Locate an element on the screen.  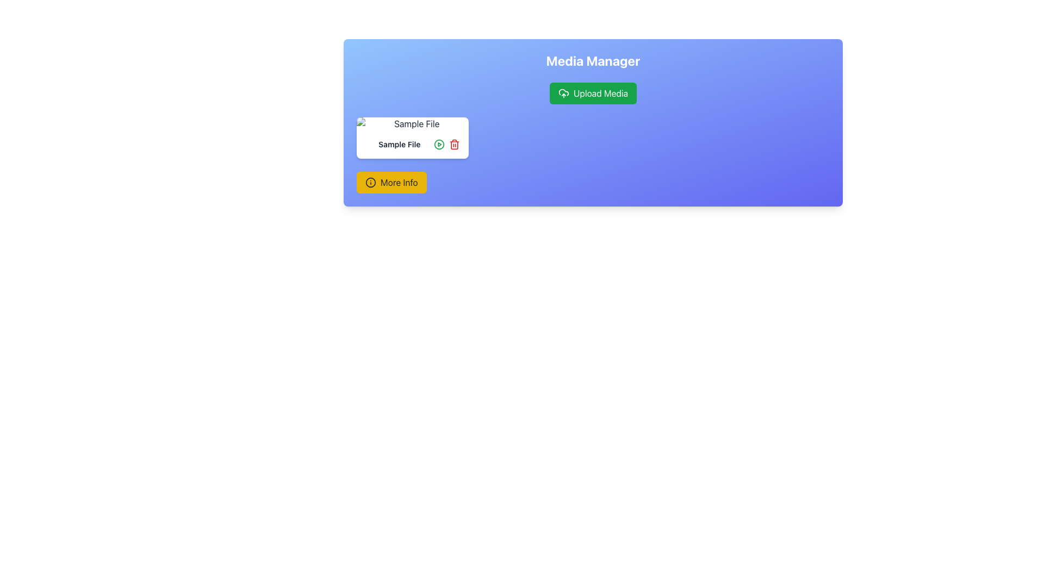
the green circle play icon located in the horizontal group of interactive icons to the right of the 'Sample File' text is located at coordinates (446, 144).